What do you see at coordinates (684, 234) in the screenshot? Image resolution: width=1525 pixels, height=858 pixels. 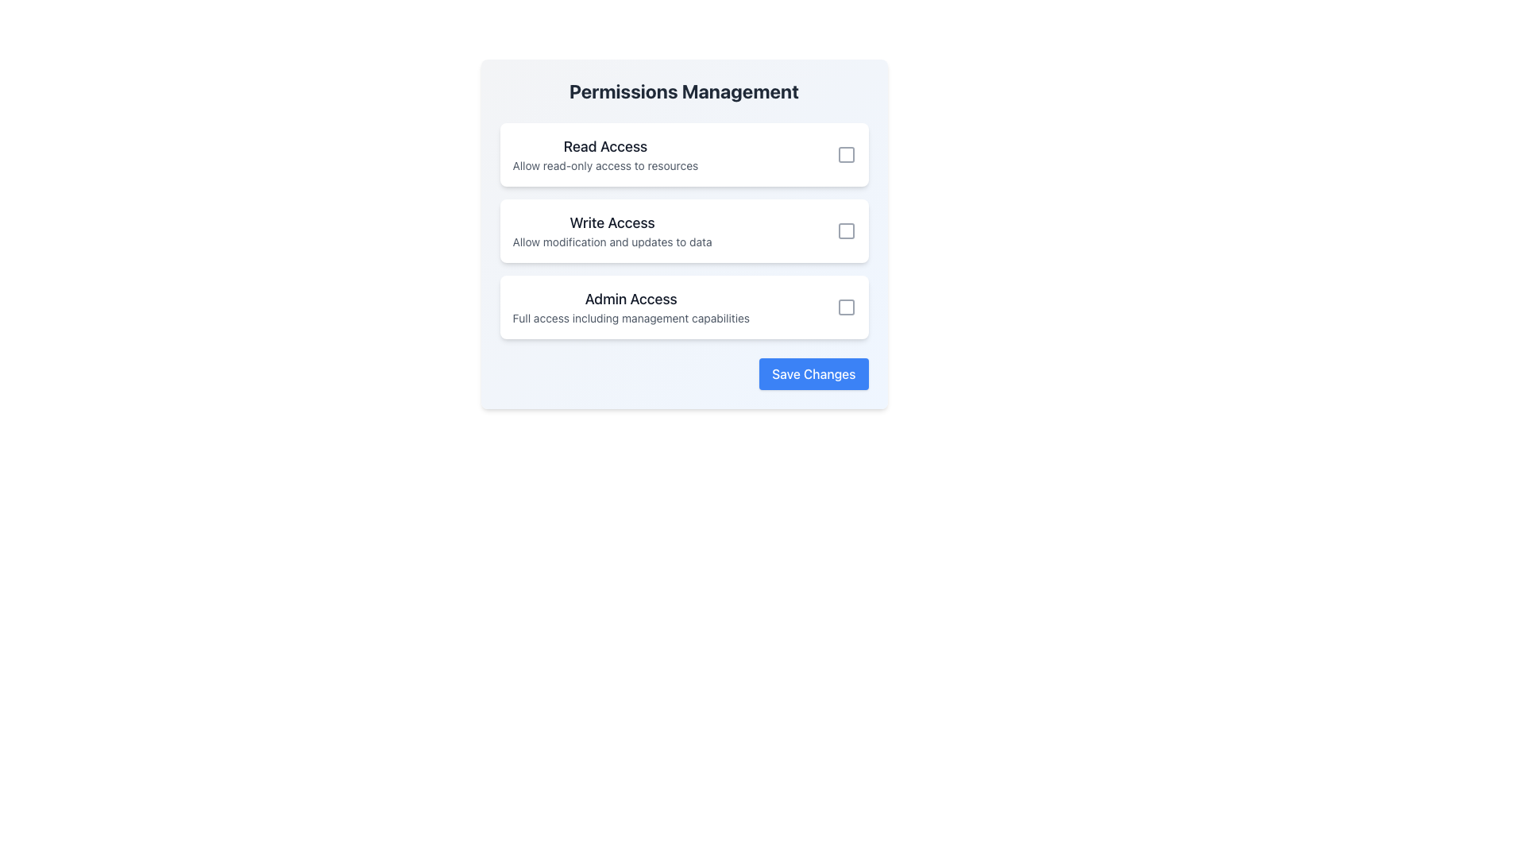 I see `the checkbox for 'Write Access' in the permission management interface` at bounding box center [684, 234].